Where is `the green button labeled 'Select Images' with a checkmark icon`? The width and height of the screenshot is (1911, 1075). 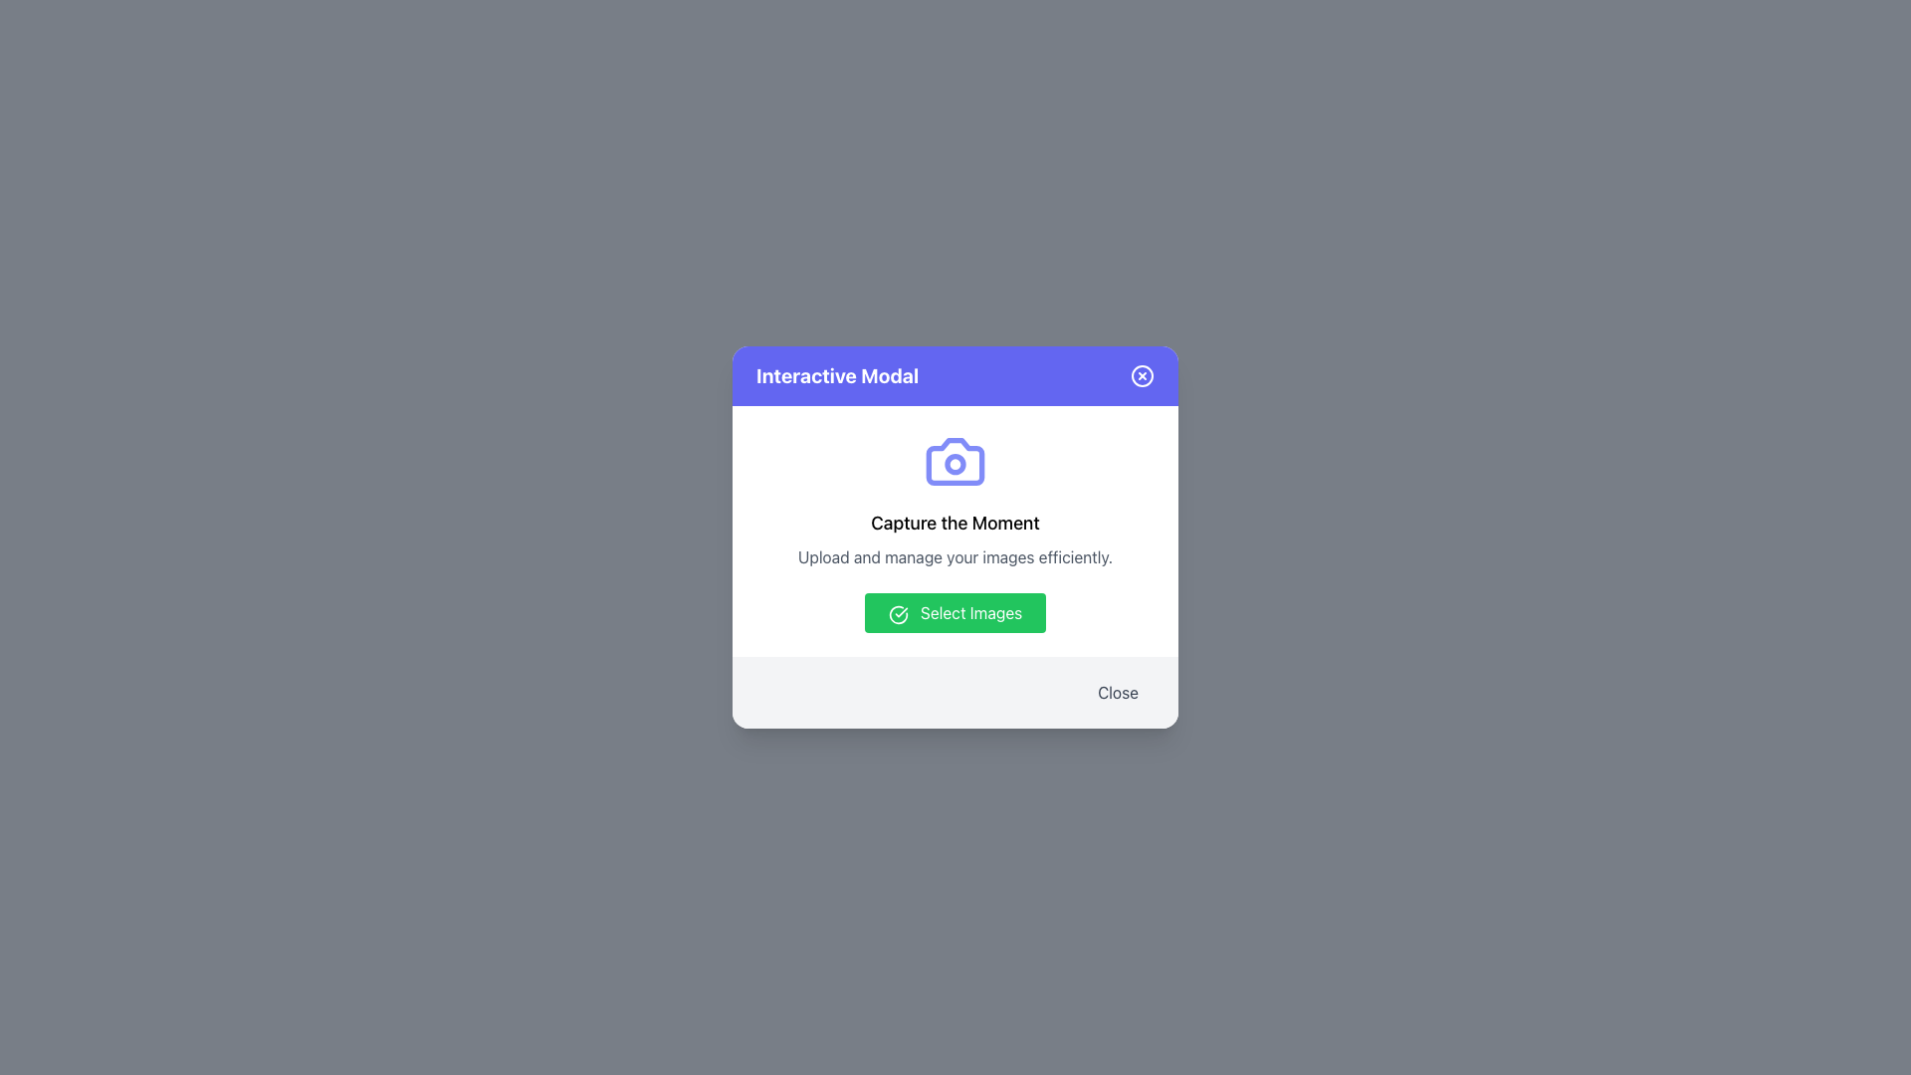 the green button labeled 'Select Images' with a checkmark icon is located at coordinates (955, 612).